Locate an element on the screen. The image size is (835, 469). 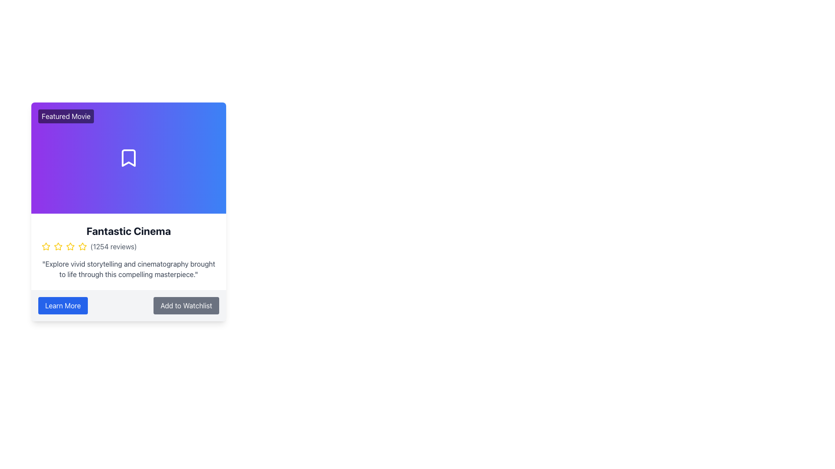
the fifth yellow star icon with a hollow interior is located at coordinates (83, 246).